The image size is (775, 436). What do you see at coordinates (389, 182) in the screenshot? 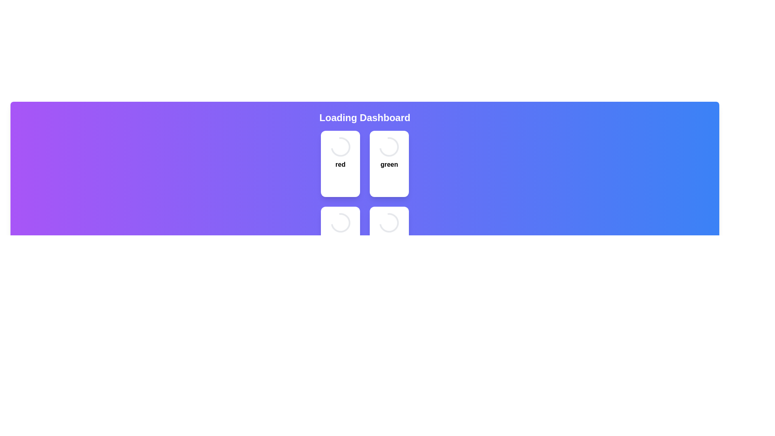
I see `the third button in the top-right panel, which is labeled 'green'` at bounding box center [389, 182].